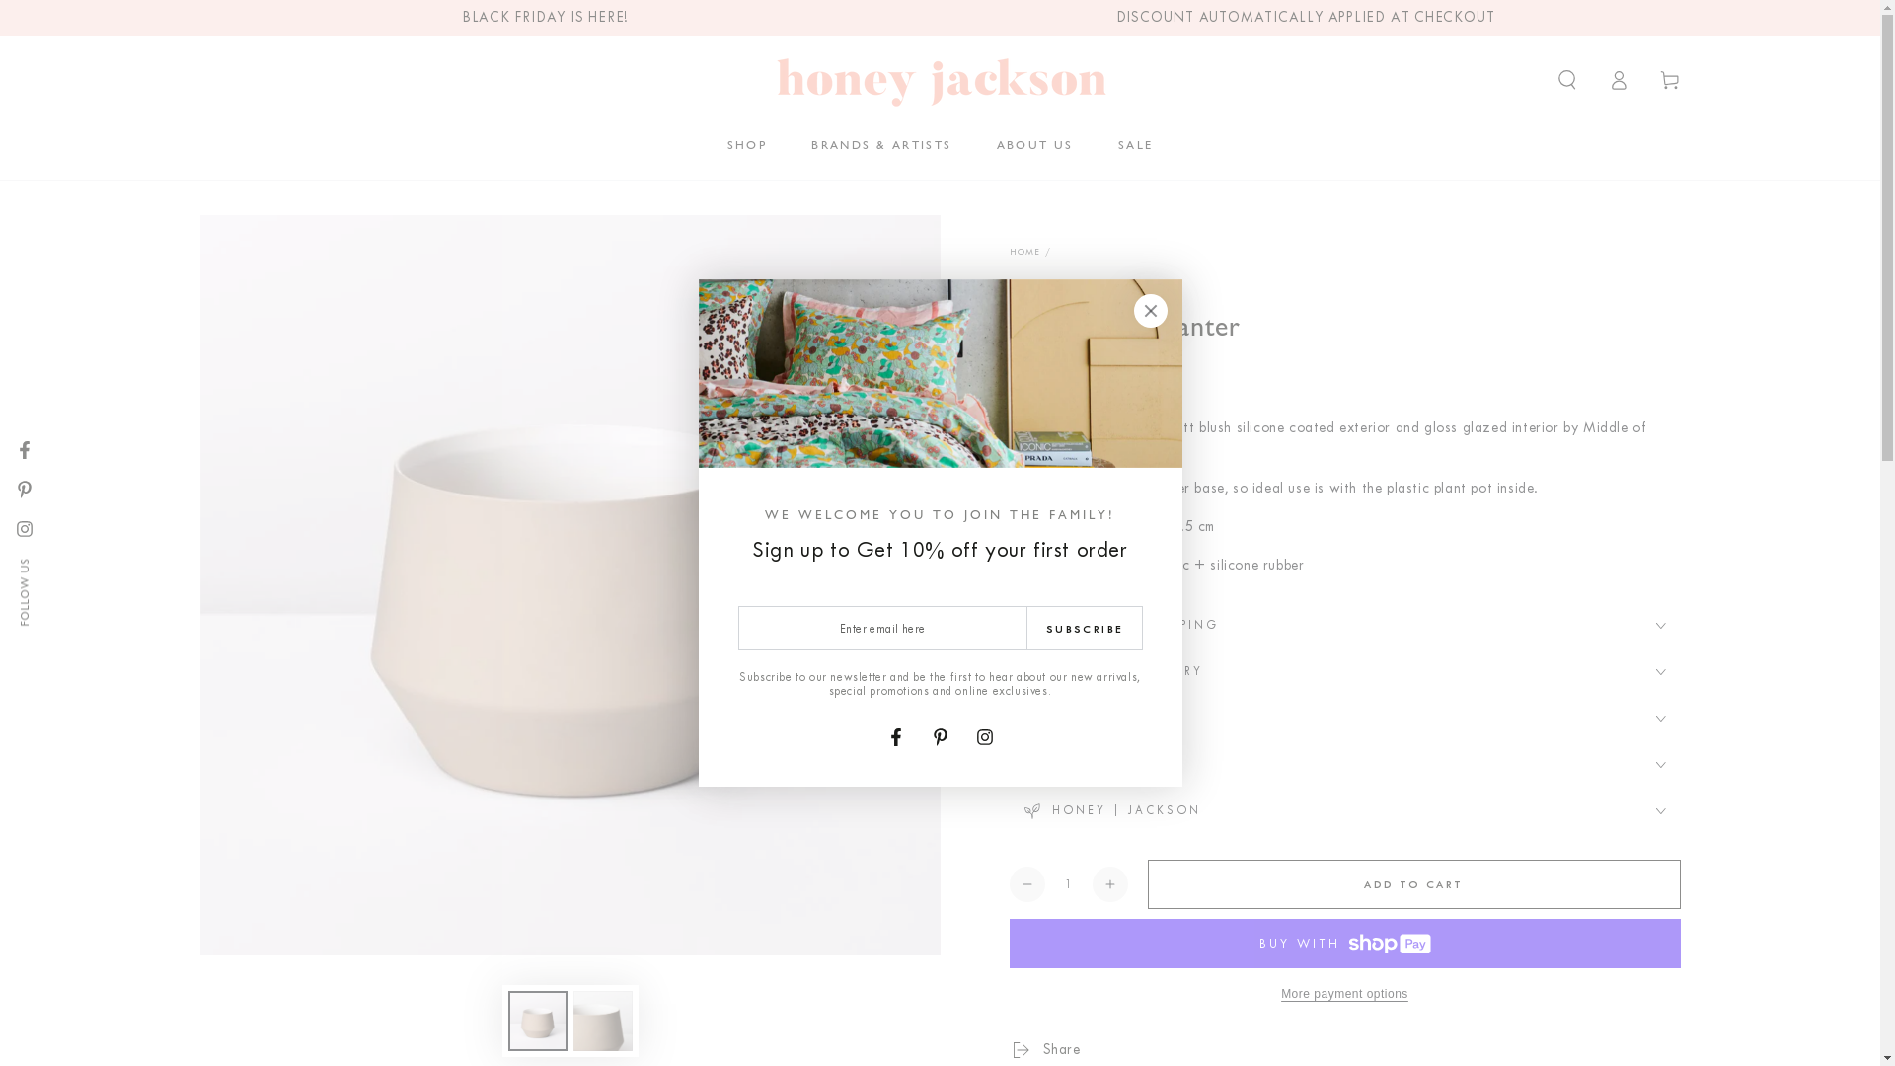 The width and height of the screenshot is (1895, 1066). What do you see at coordinates (1411, 882) in the screenshot?
I see `'ADD TO CART'` at bounding box center [1411, 882].